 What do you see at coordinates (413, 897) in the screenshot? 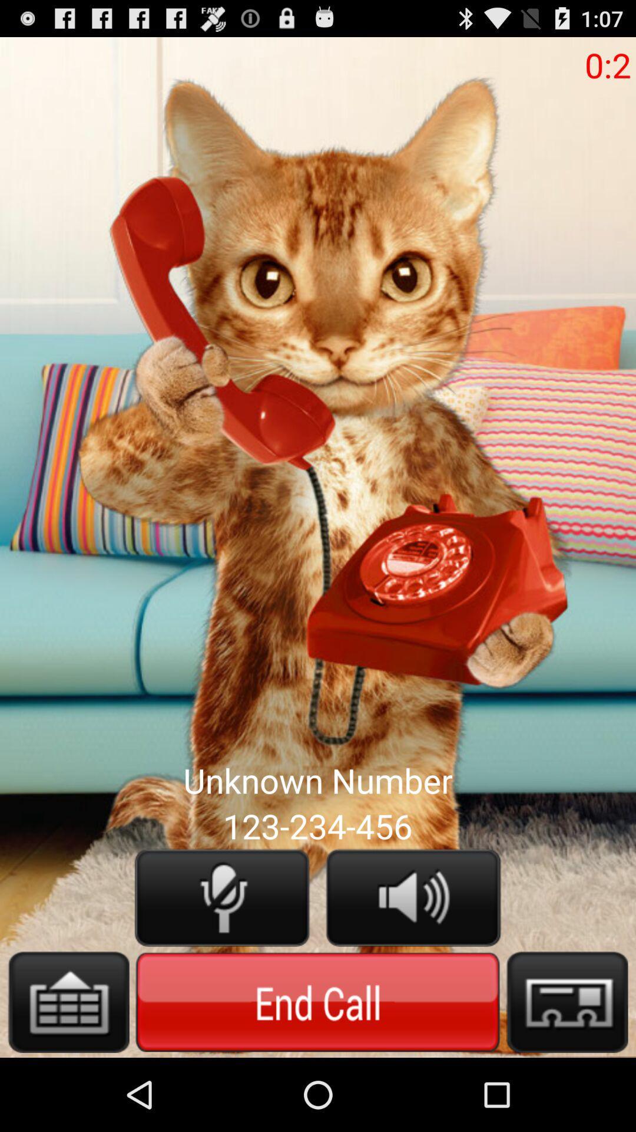
I see `sound option` at bounding box center [413, 897].